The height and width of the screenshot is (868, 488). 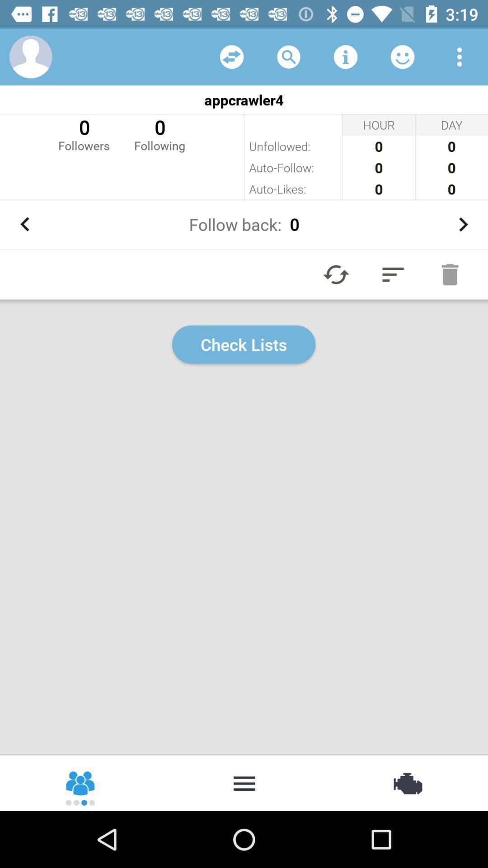 I want to click on the check lists icon, so click(x=243, y=344).